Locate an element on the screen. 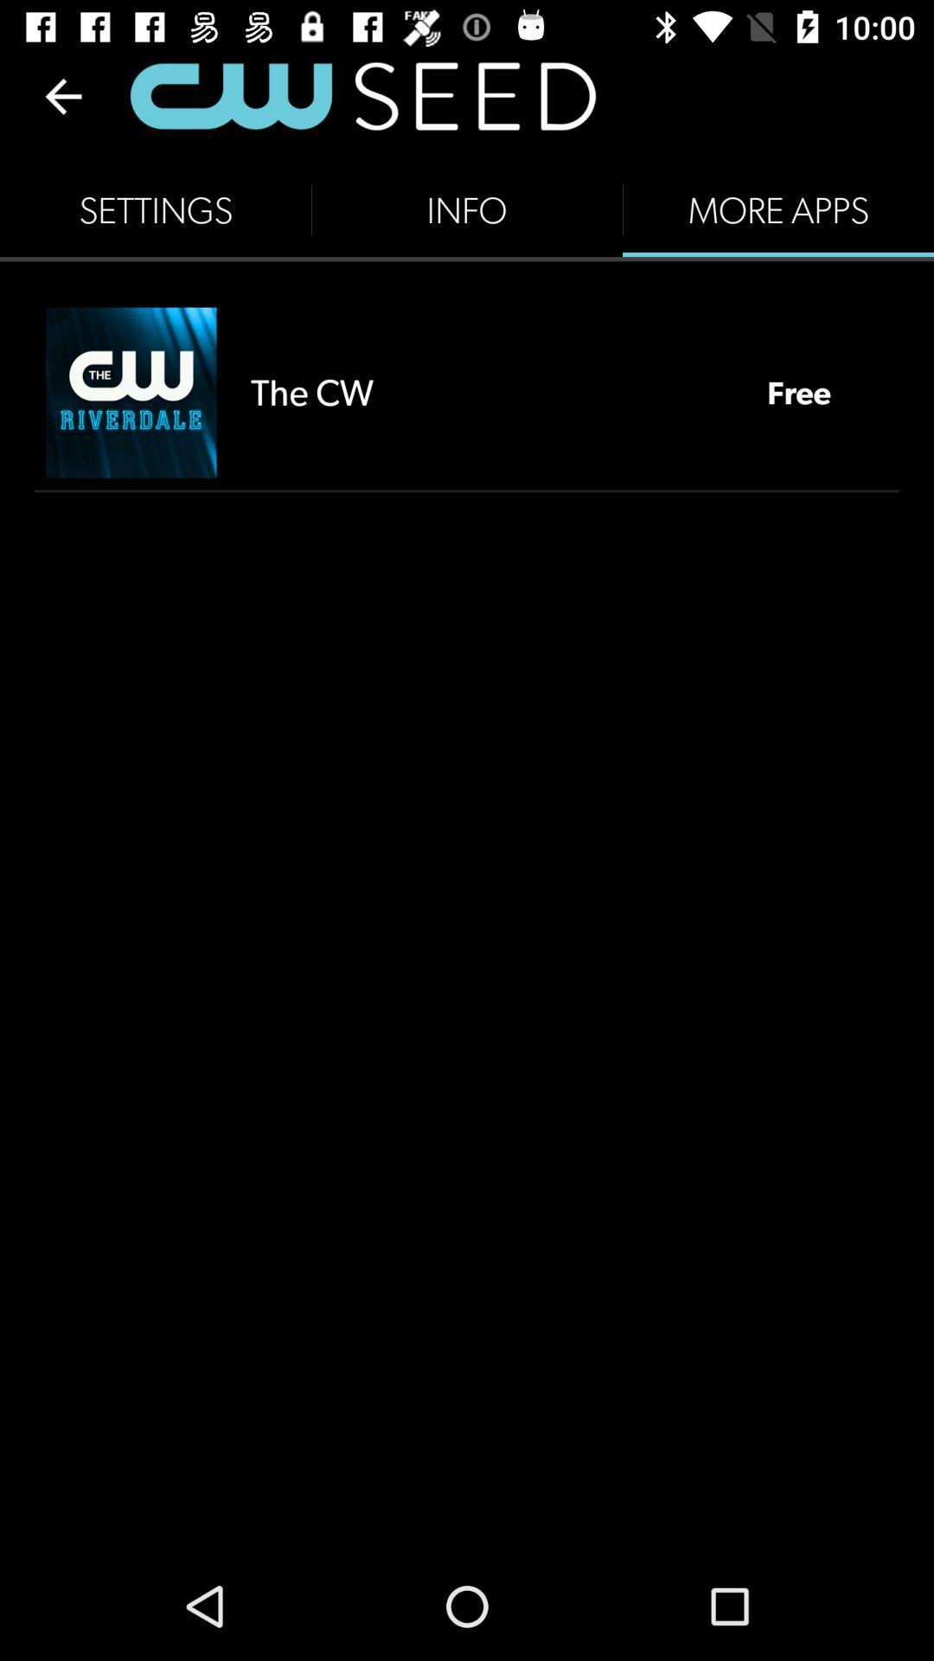 Image resolution: width=934 pixels, height=1661 pixels. settings icon is located at coordinates (156, 209).